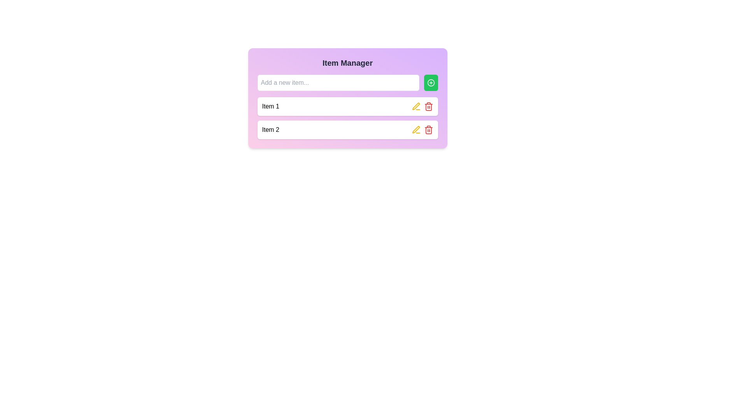 The height and width of the screenshot is (420, 747). I want to click on the plus button in the 'Item Manager' card, so click(347, 82).